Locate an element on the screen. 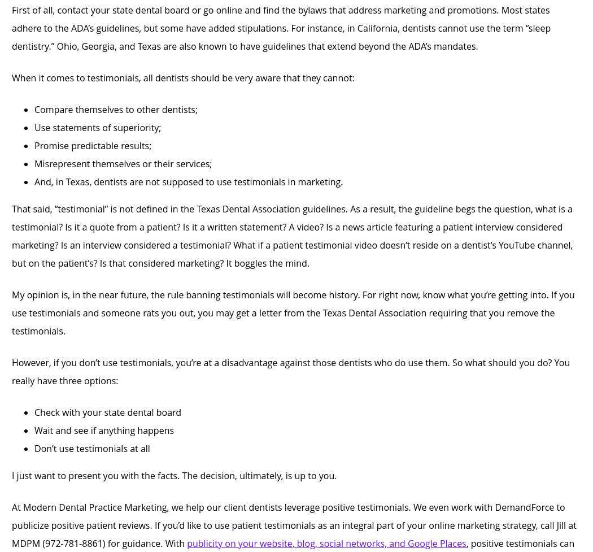 Image resolution: width=593 pixels, height=552 pixels. 'Use statements of superiority;' is located at coordinates (98, 127).